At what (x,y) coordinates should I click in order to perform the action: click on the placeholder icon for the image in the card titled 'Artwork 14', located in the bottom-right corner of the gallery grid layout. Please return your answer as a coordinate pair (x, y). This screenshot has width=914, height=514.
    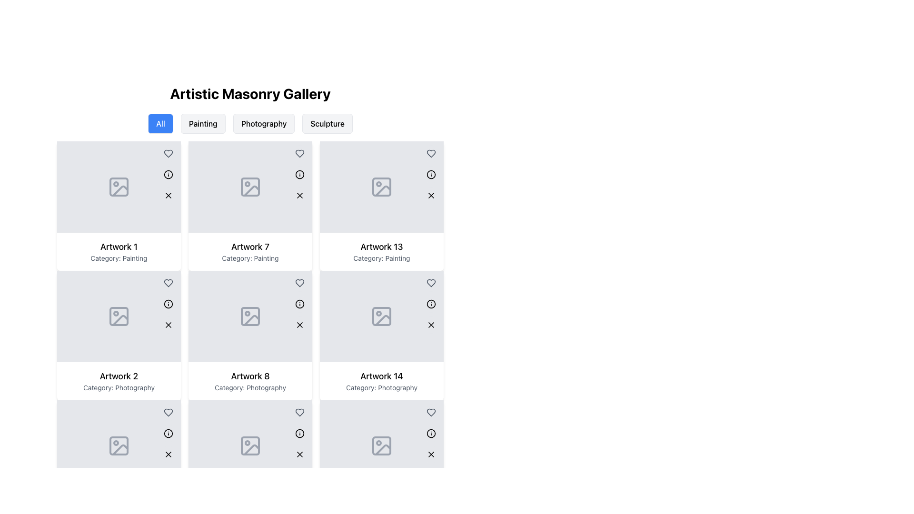
    Looking at the image, I should click on (381, 316).